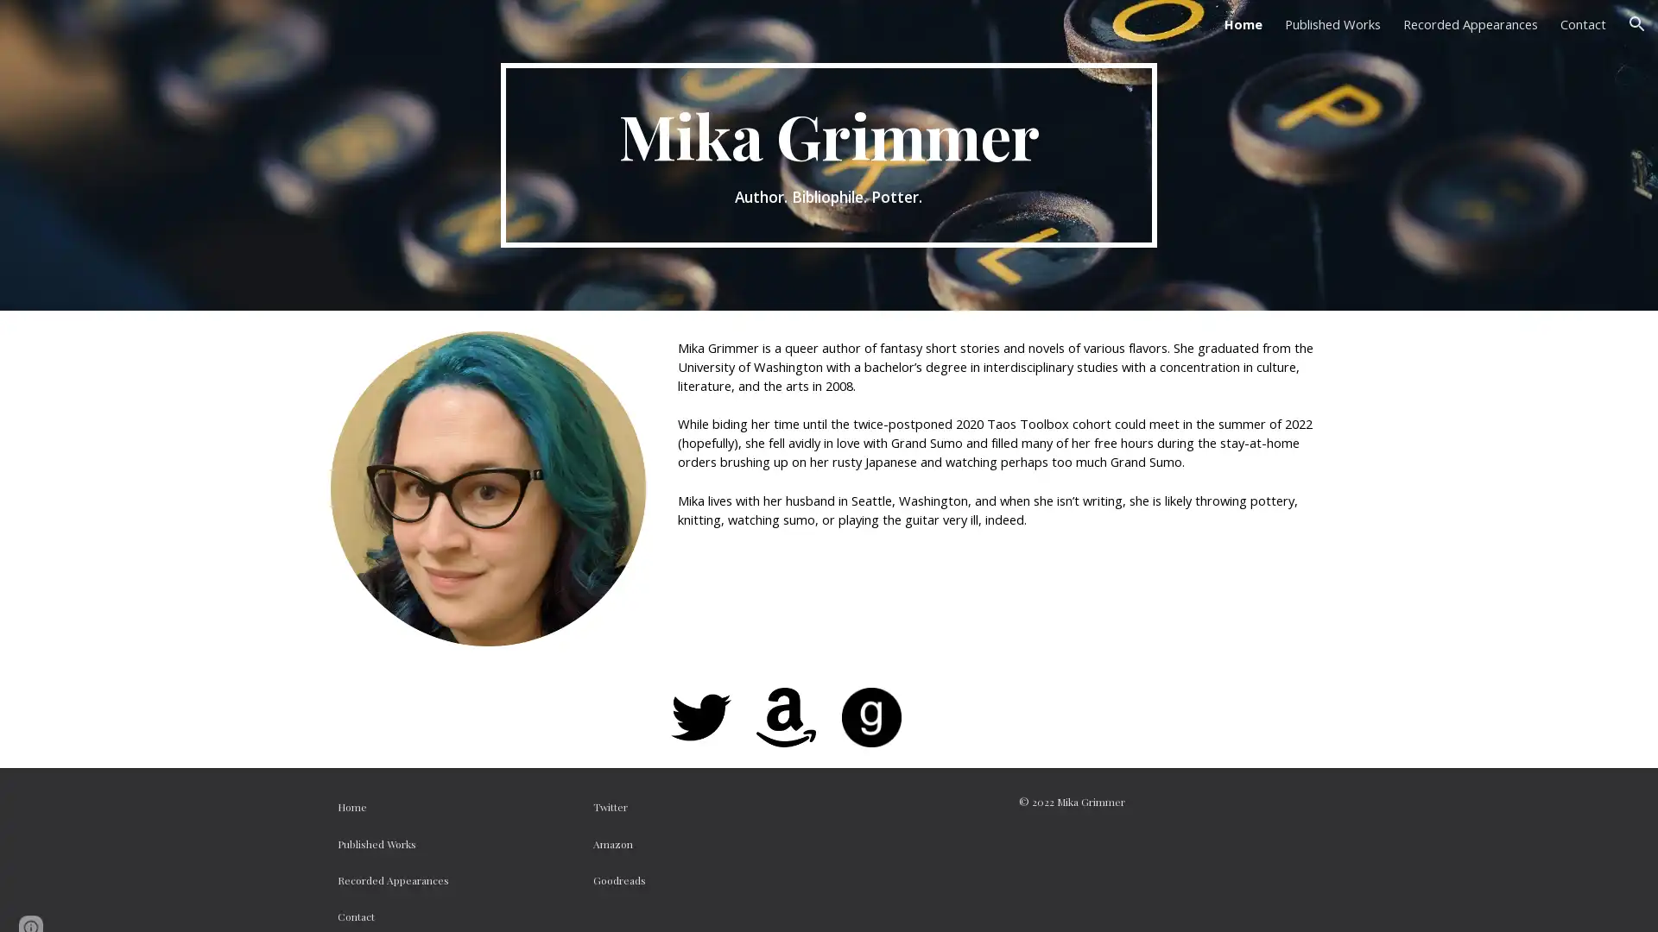  What do you see at coordinates (680, 32) in the screenshot?
I see `Skip to main content` at bounding box center [680, 32].